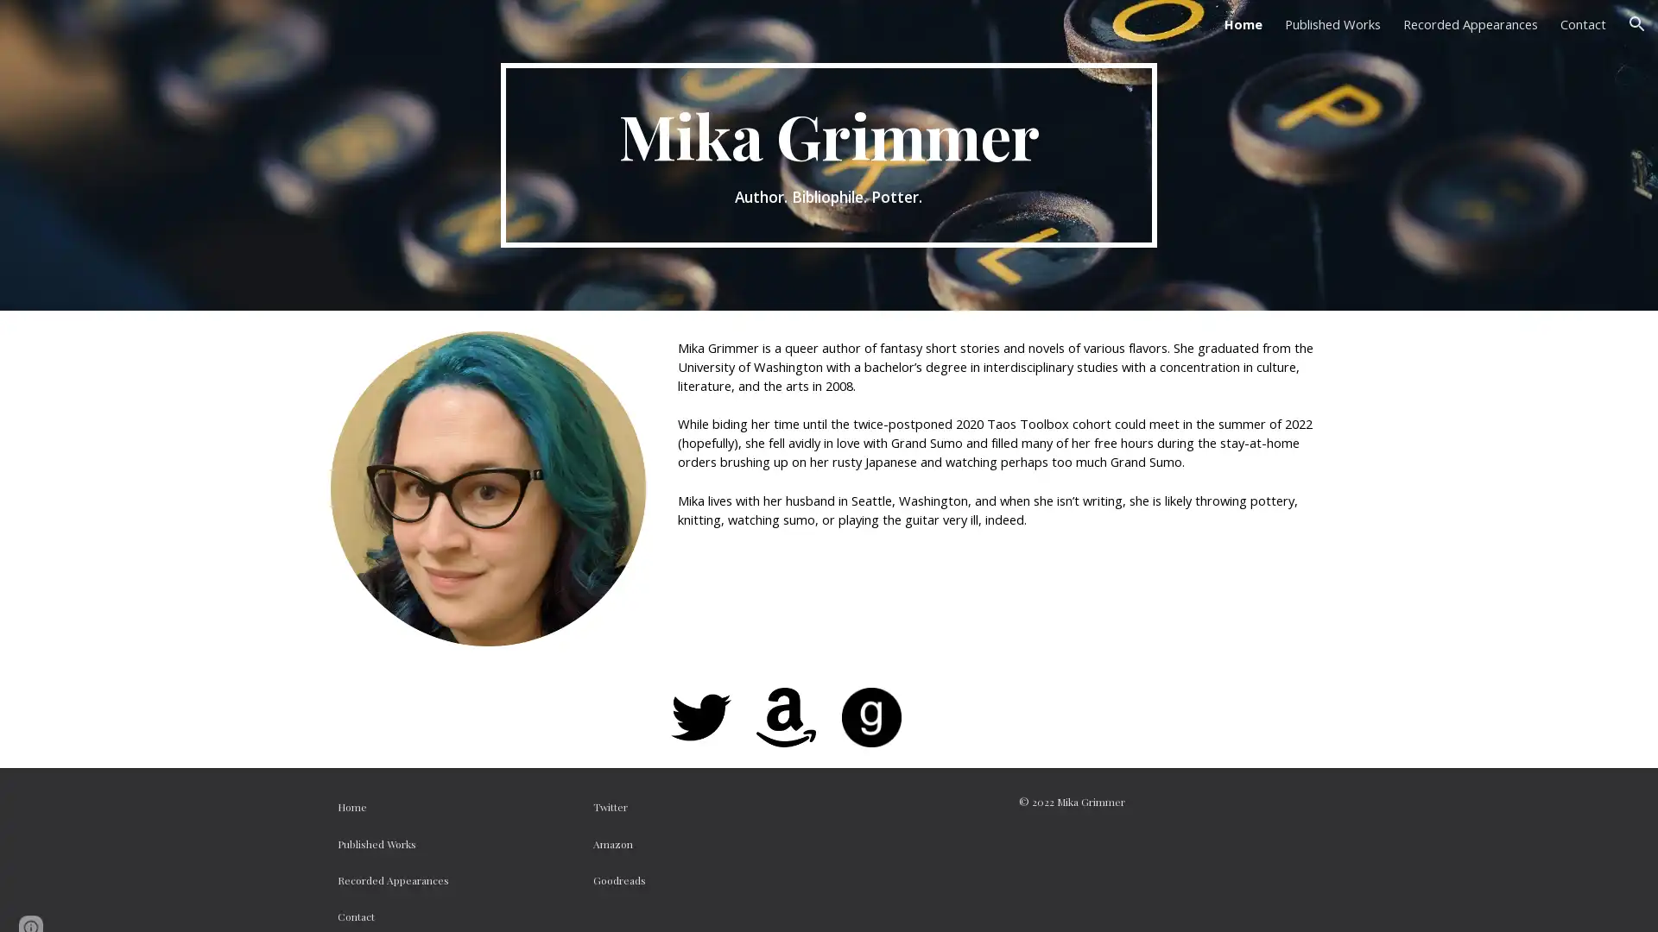  What do you see at coordinates (680, 32) in the screenshot?
I see `Skip to main content` at bounding box center [680, 32].